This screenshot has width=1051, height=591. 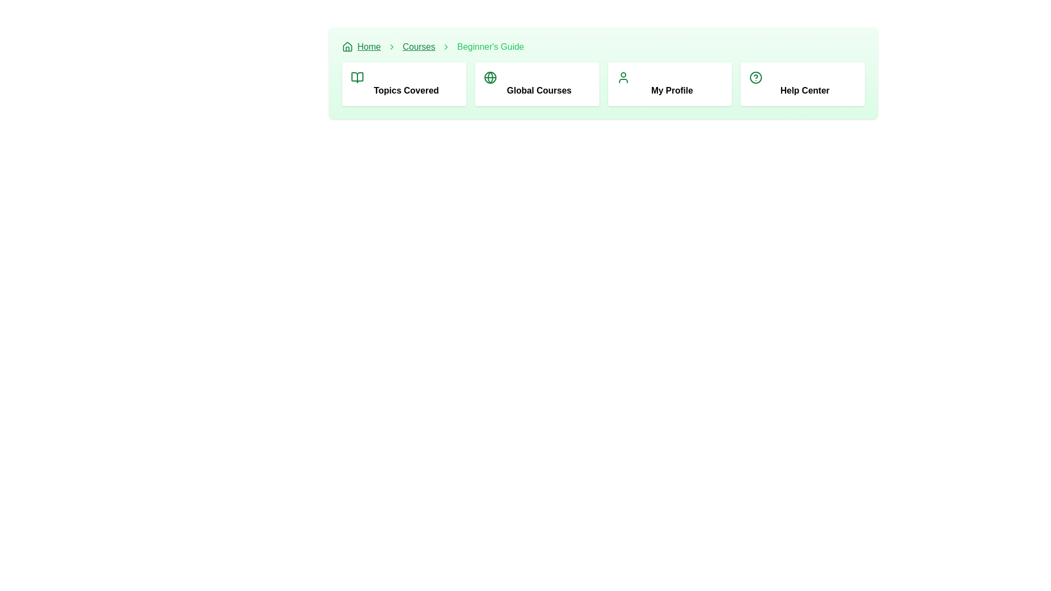 What do you see at coordinates (802, 84) in the screenshot?
I see `the Informational card at the far right of the grid` at bounding box center [802, 84].